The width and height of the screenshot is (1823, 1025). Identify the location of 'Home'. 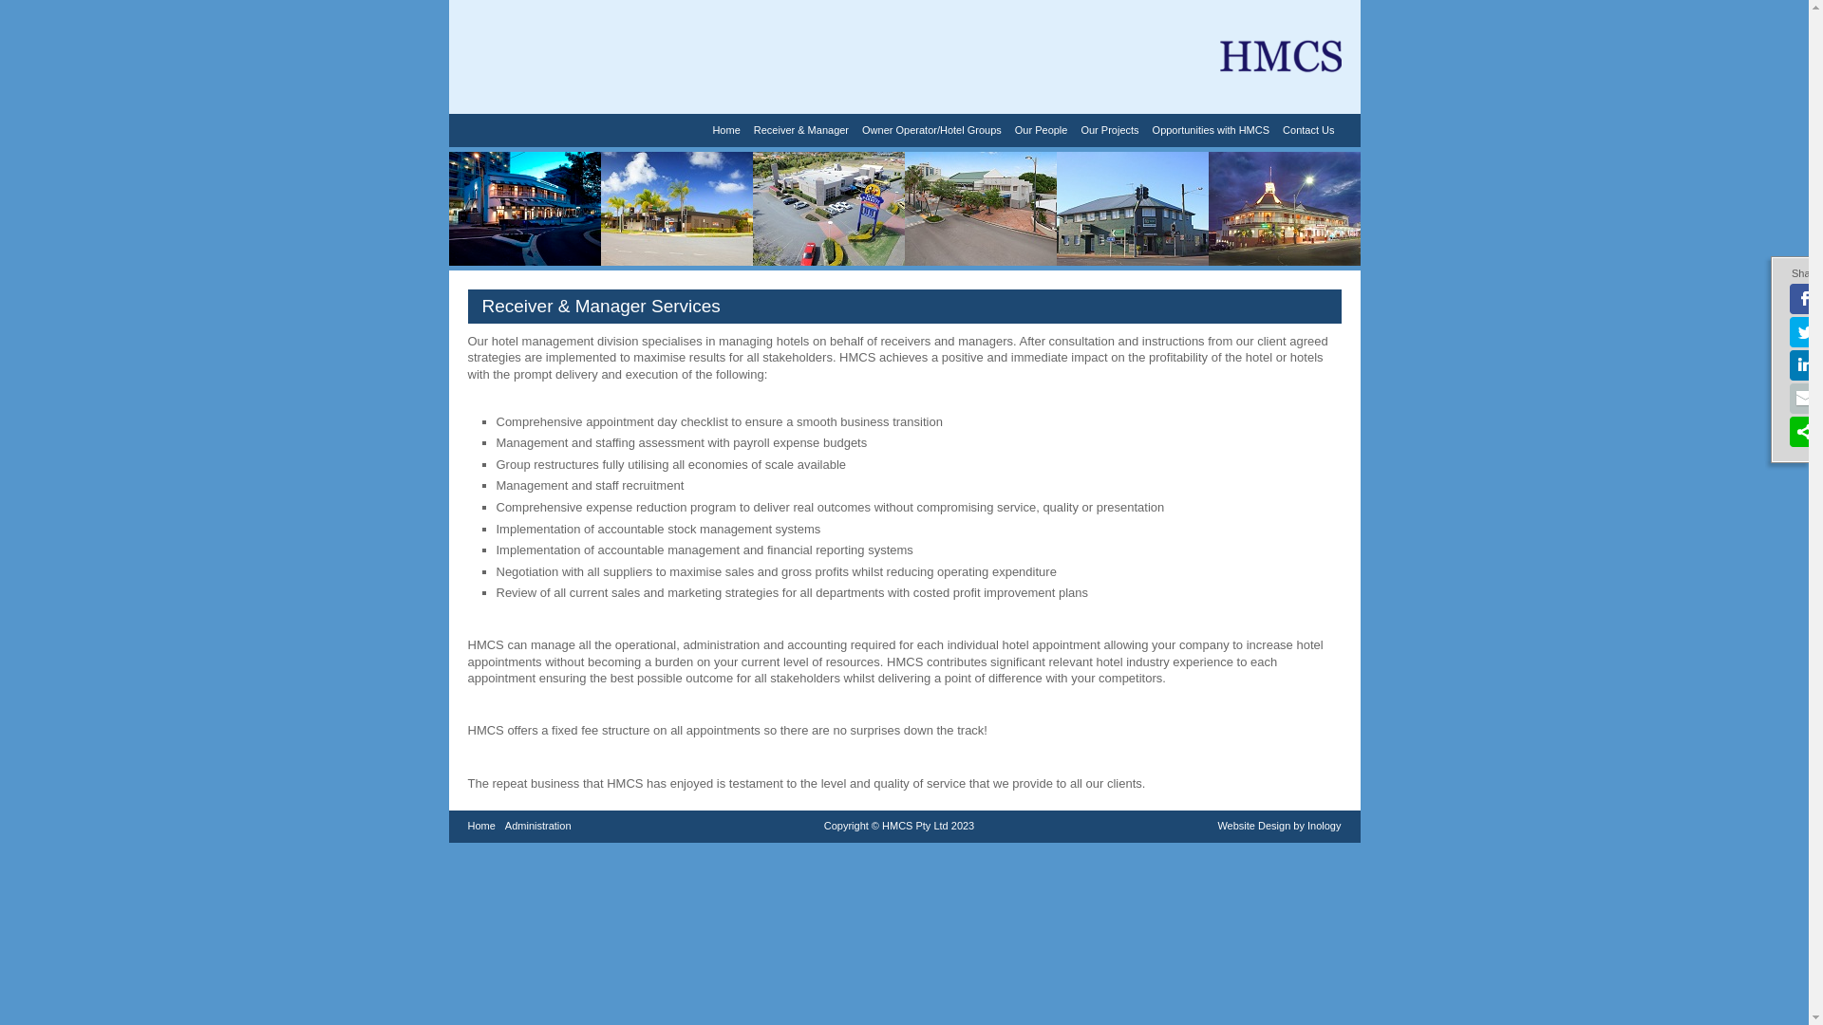
(710, 129).